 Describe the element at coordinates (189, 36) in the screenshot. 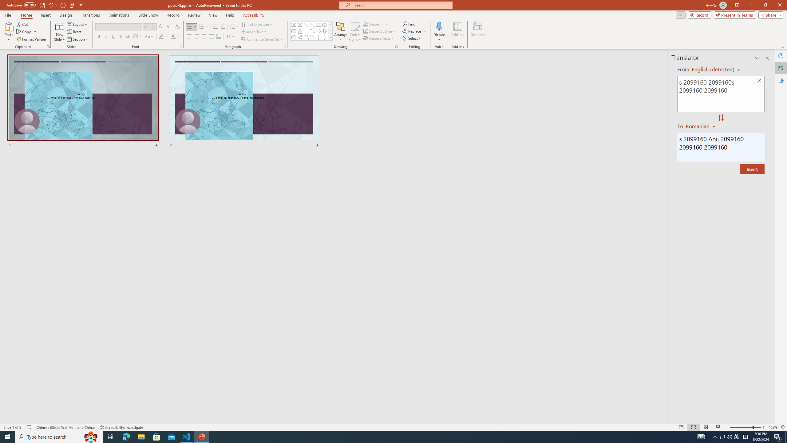

I see `'Align Left'` at that location.